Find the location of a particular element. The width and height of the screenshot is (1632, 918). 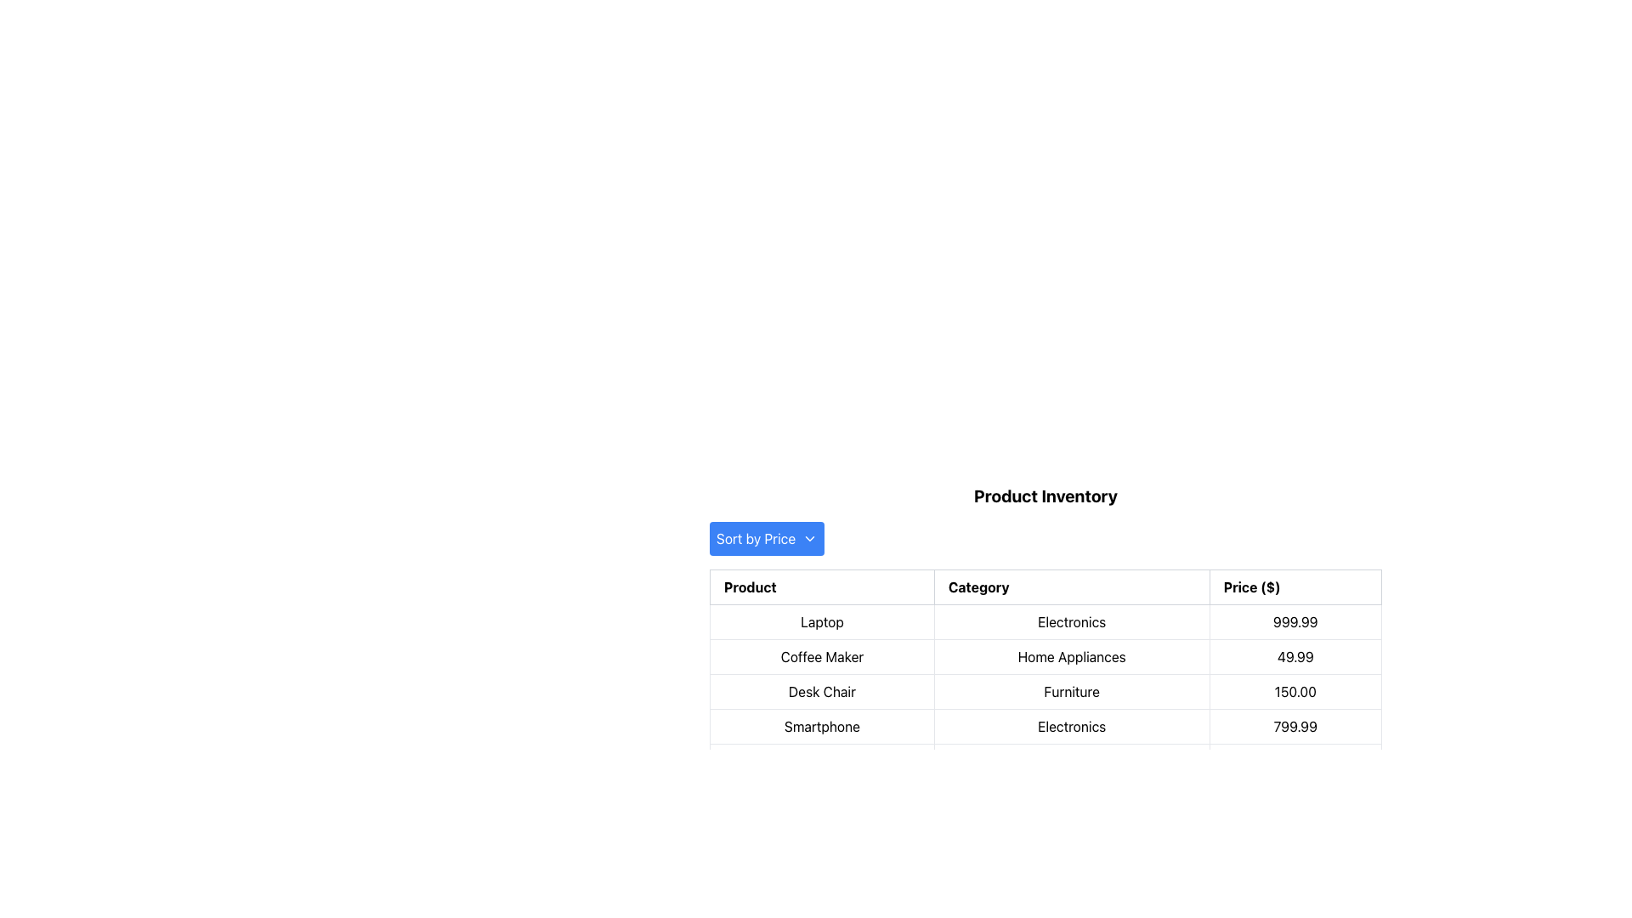

the 'Electronics' static text element in the 'Category' column of the first row in the product information table is located at coordinates (1071, 622).